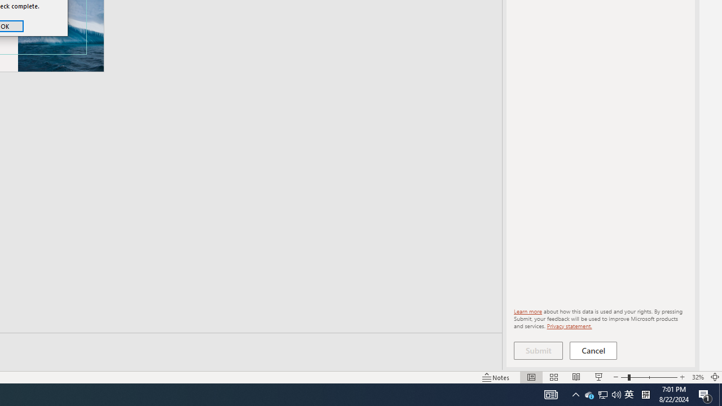  What do you see at coordinates (551, 394) in the screenshot?
I see `'AutomationID: 4105'` at bounding box center [551, 394].